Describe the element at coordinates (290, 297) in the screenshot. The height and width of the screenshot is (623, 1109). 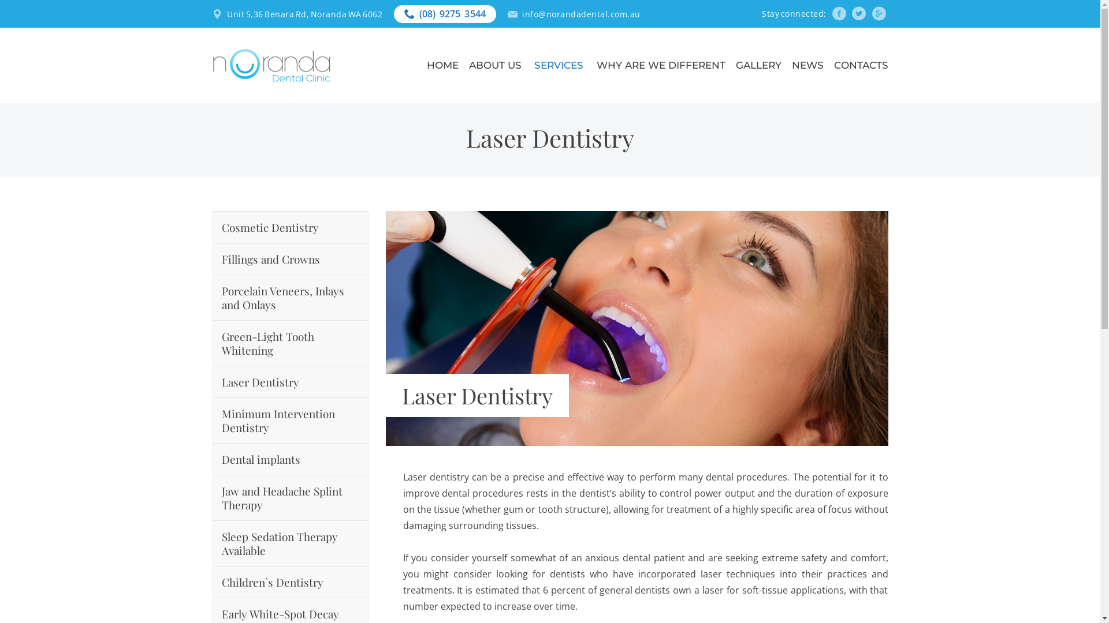
I see `'Porcelain Veneers, Inlays and Onlays'` at that location.